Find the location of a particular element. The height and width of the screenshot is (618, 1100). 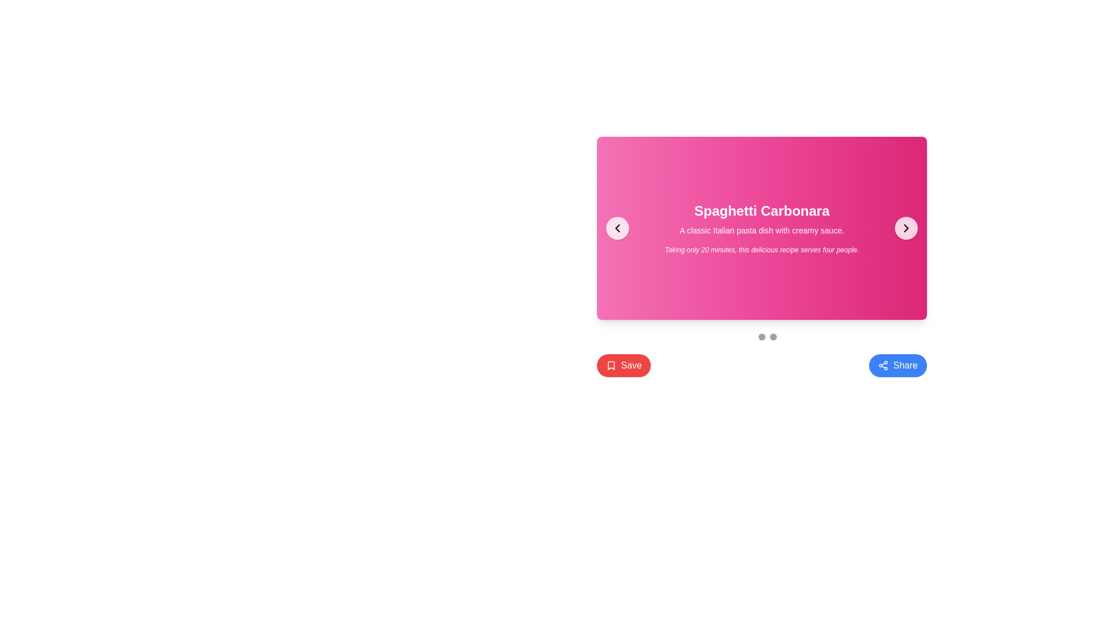

the right-pointing chevron icon located within the circular white button on the right side of the pink card titled 'Spaghetti Carbonara.' is located at coordinates (906, 228).